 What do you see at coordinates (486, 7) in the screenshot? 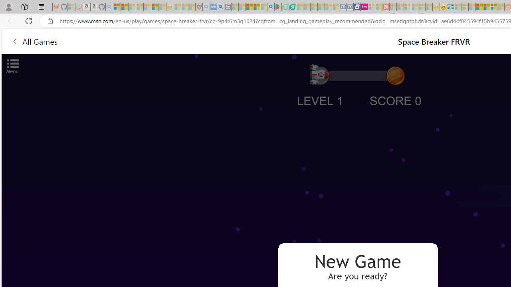
I see `'Kinda Frugal - MSN'` at bounding box center [486, 7].